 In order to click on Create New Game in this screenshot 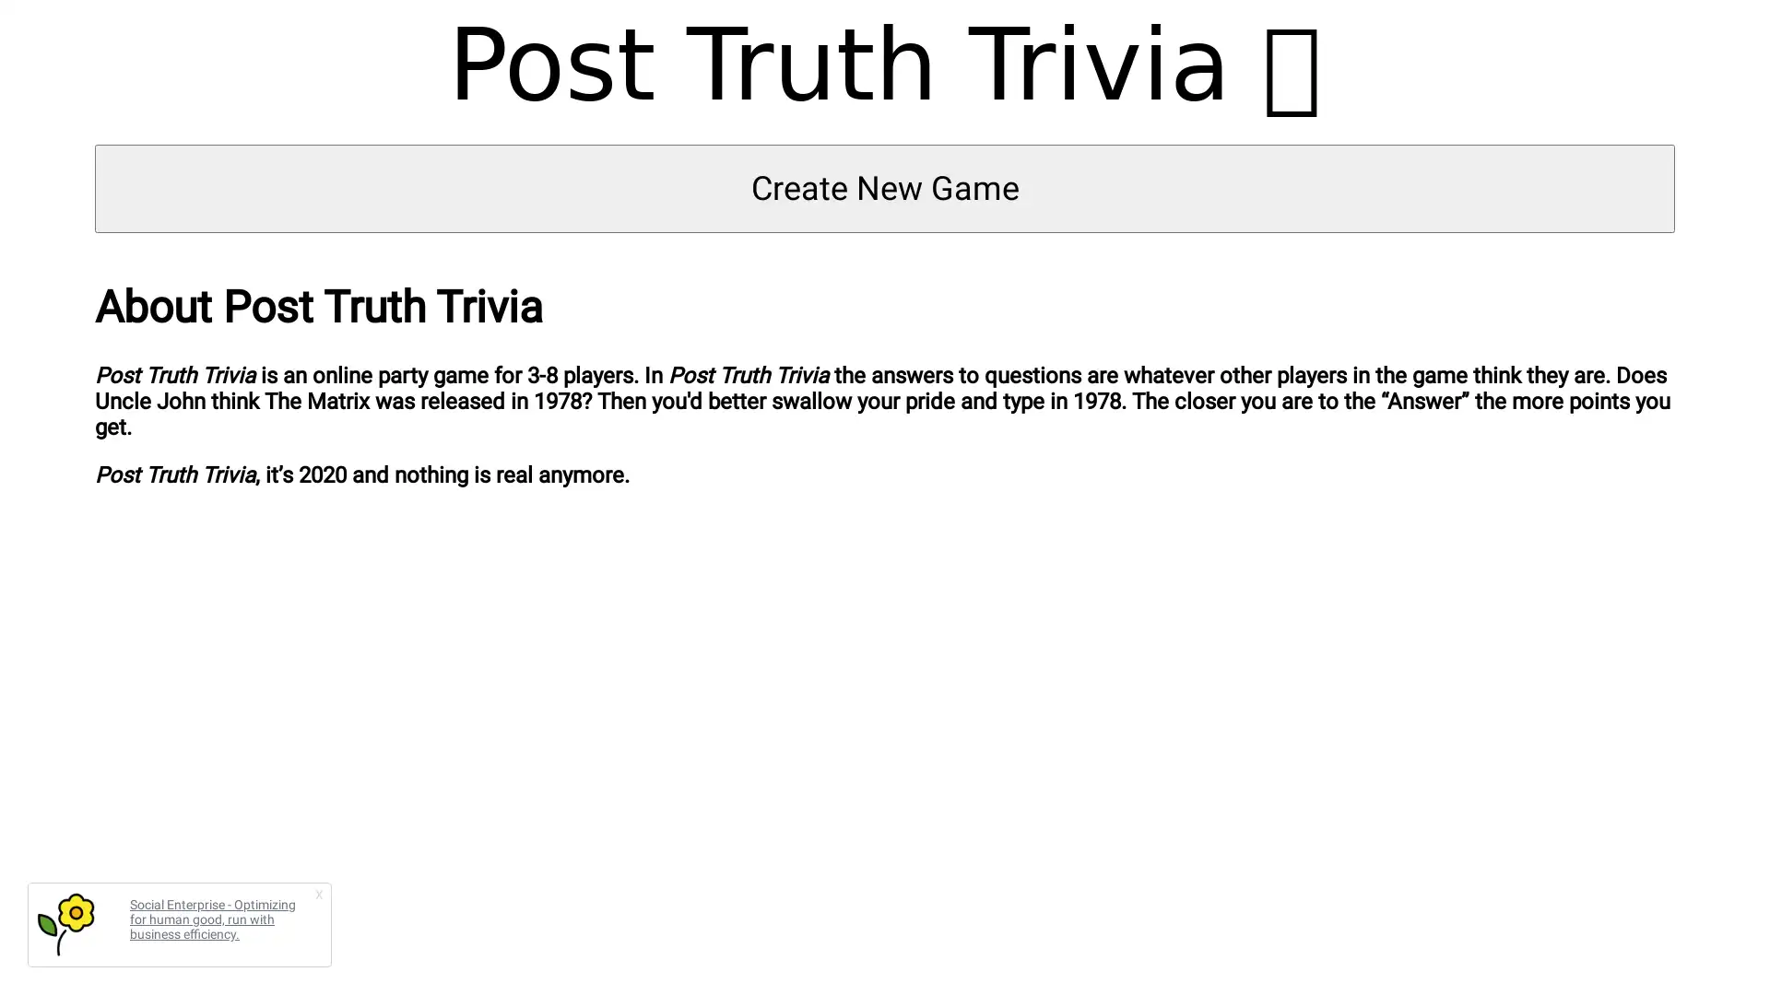, I will do `click(883, 188)`.